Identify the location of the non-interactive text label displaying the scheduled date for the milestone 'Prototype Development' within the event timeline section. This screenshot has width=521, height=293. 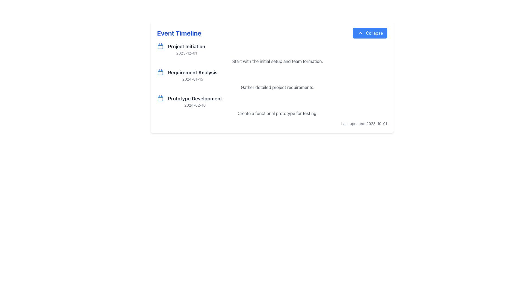
(195, 105).